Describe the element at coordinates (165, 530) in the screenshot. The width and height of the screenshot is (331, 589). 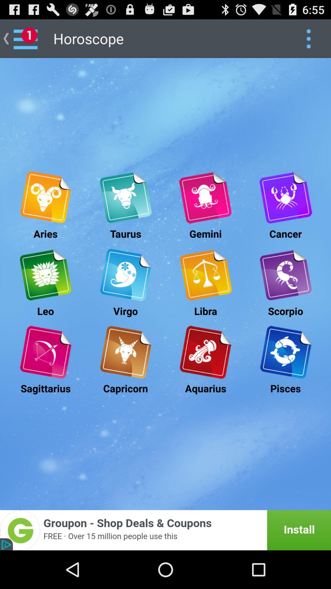
I see `advertisement about groupon deals coupons` at that location.